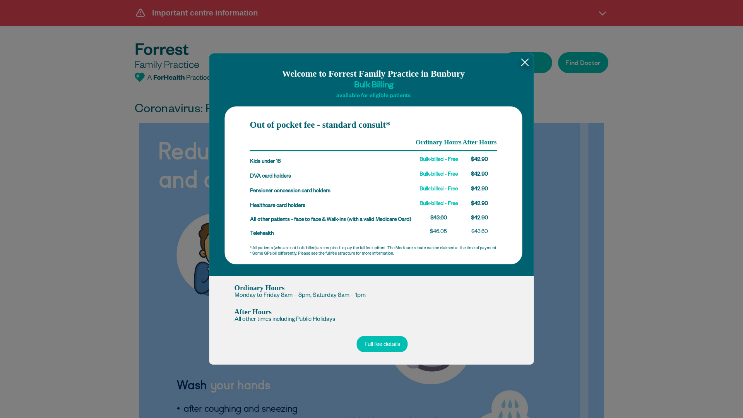  Describe the element at coordinates (172, 62) in the screenshot. I see `'Forrest Family Practice'` at that location.